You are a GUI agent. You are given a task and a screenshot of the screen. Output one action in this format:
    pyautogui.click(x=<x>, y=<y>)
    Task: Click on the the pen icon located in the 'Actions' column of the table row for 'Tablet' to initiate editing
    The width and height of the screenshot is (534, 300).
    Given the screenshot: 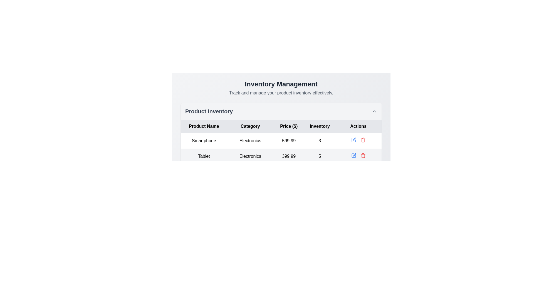 What is the action you would take?
    pyautogui.click(x=354, y=155)
    